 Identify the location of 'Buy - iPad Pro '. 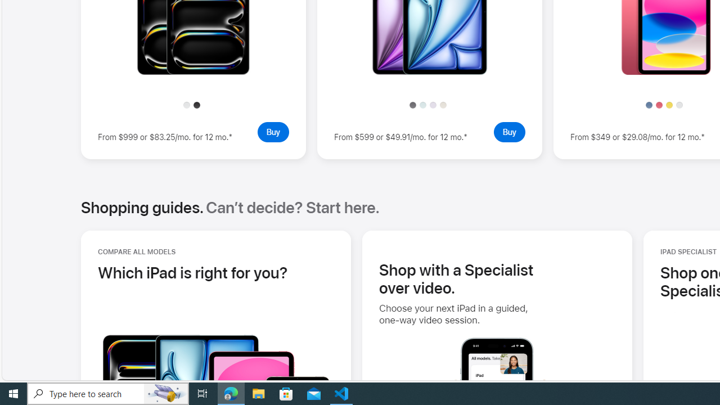
(273, 131).